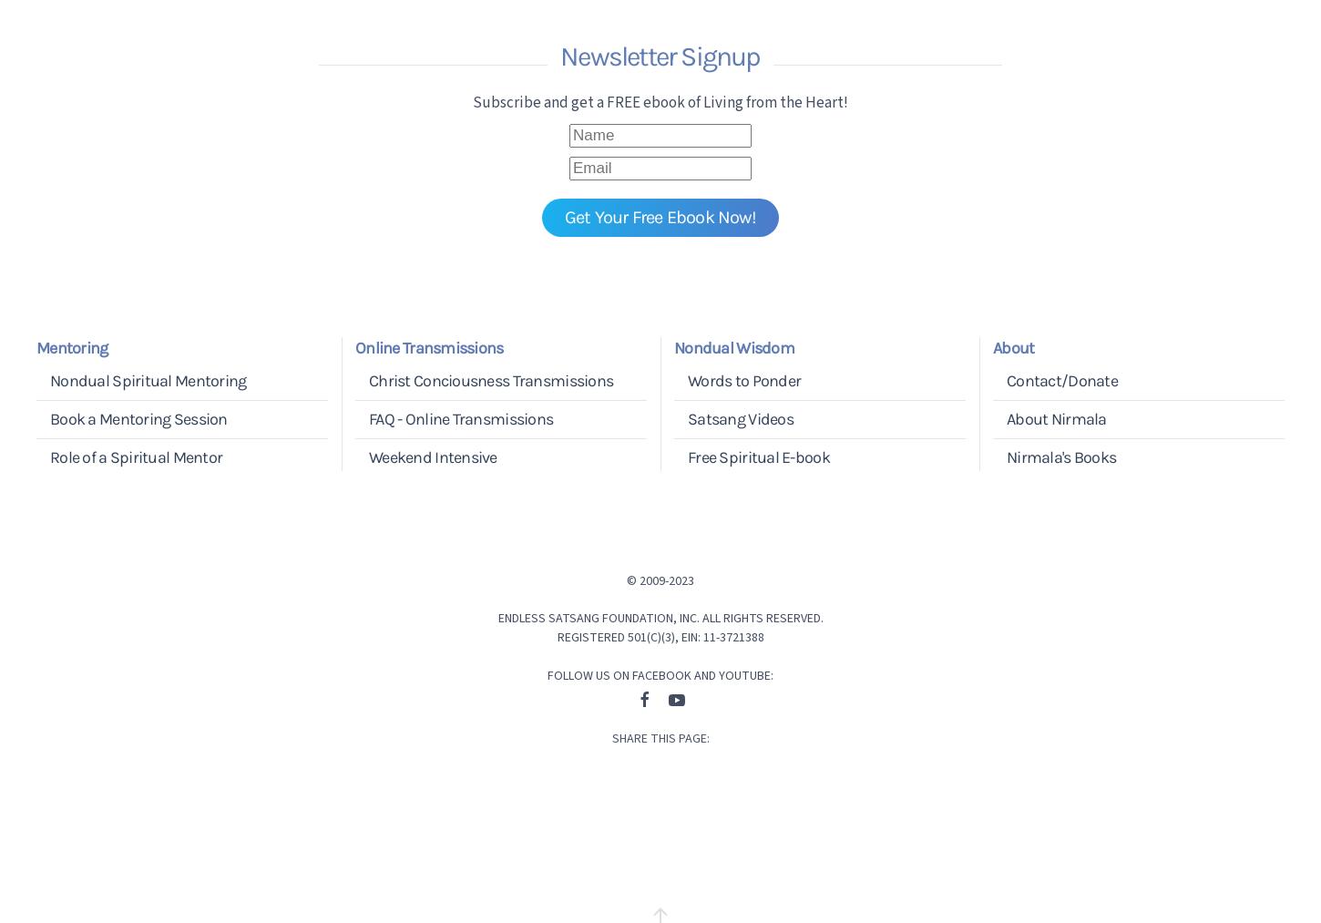  What do you see at coordinates (740, 418) in the screenshot?
I see `'Satsang Videos'` at bounding box center [740, 418].